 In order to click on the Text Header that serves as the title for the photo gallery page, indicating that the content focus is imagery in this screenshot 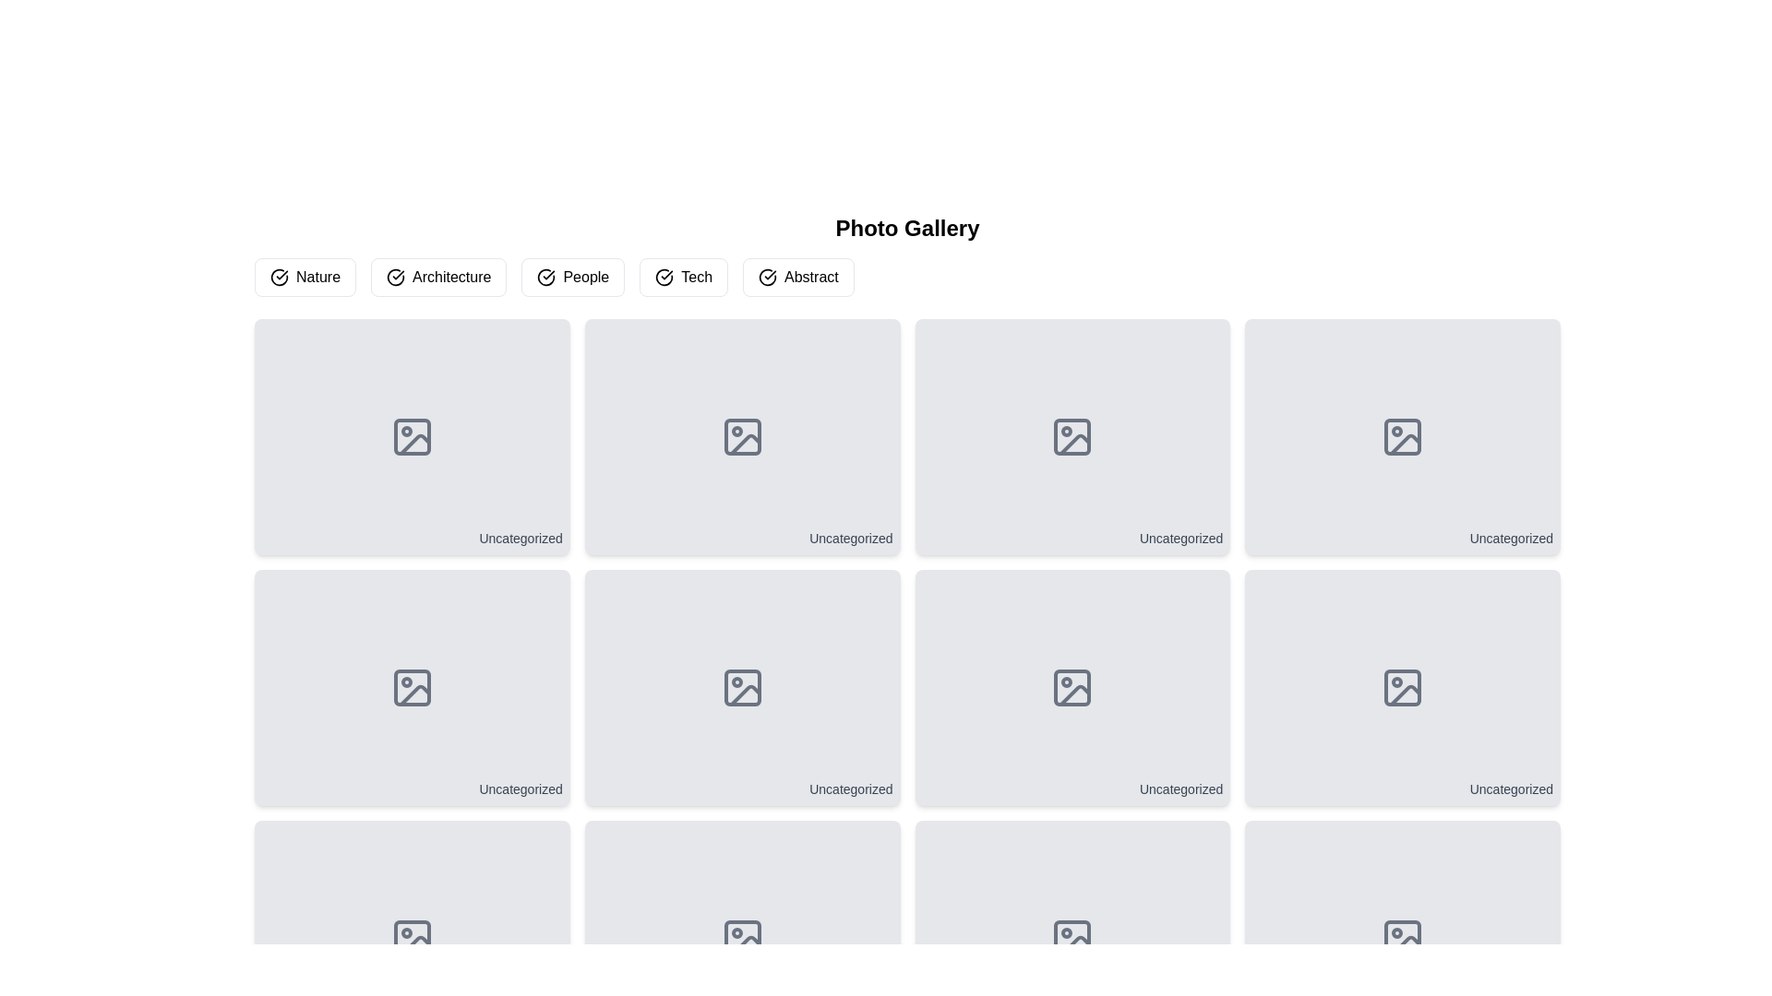, I will do `click(907, 227)`.